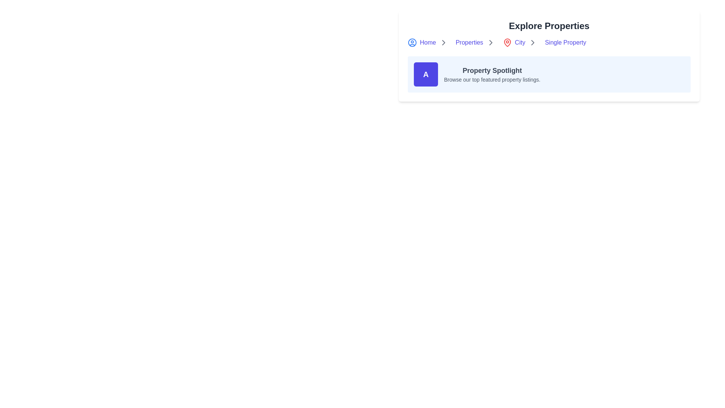 The width and height of the screenshot is (725, 408). Describe the element at coordinates (509, 42) in the screenshot. I see `the red map pin icon located to the left of the text 'City' in the breadcrumb navigation bar` at that location.